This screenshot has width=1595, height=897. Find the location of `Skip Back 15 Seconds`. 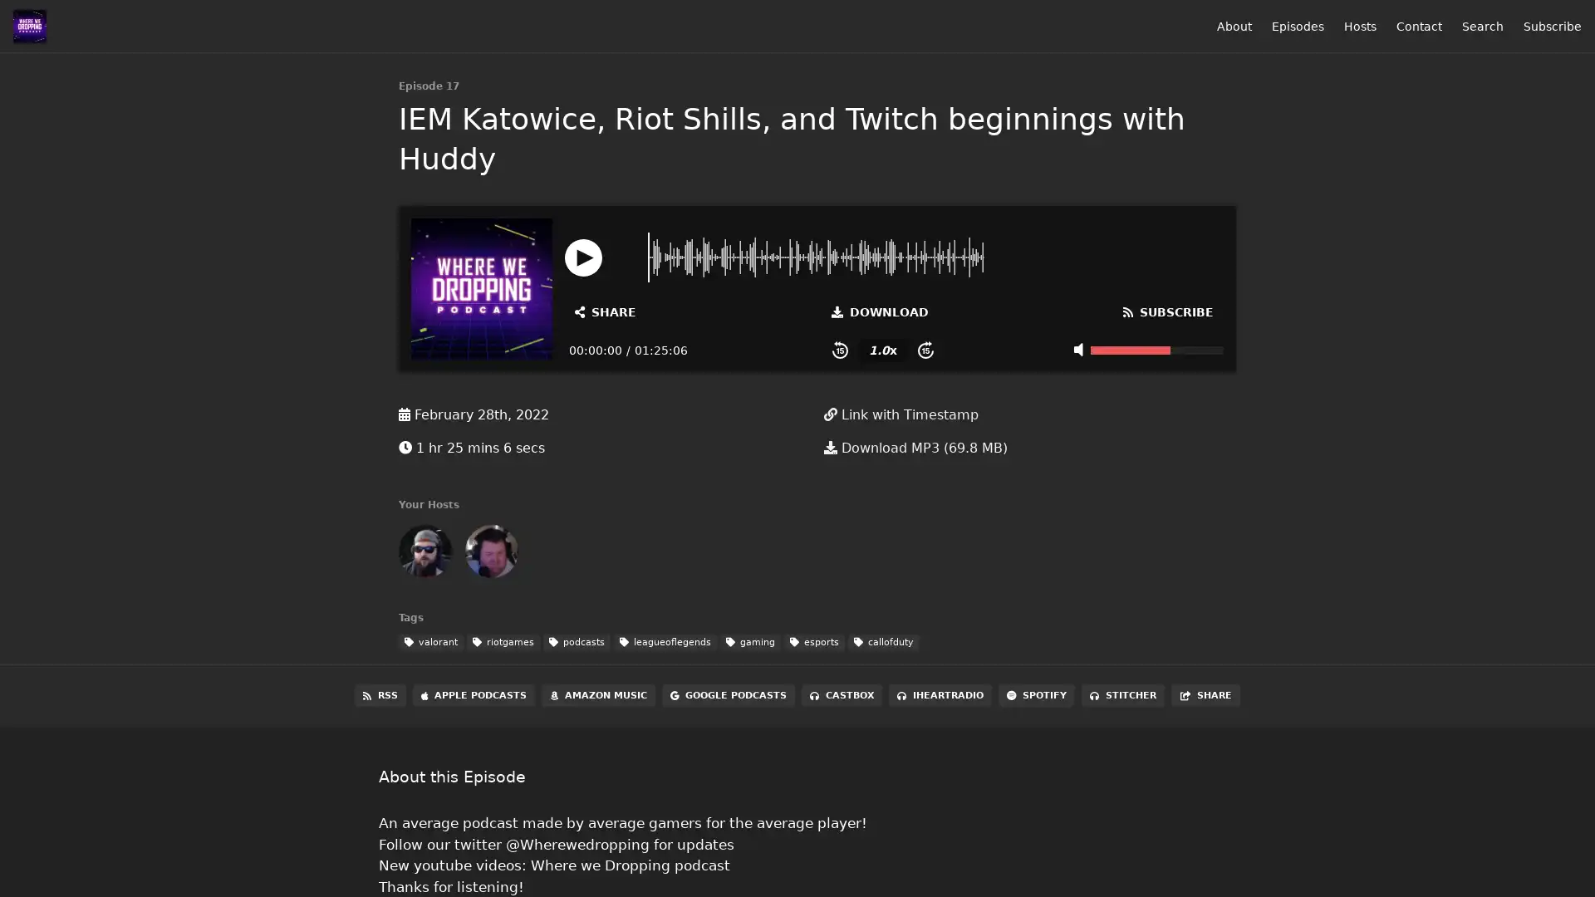

Skip Back 15 Seconds is located at coordinates (840, 348).